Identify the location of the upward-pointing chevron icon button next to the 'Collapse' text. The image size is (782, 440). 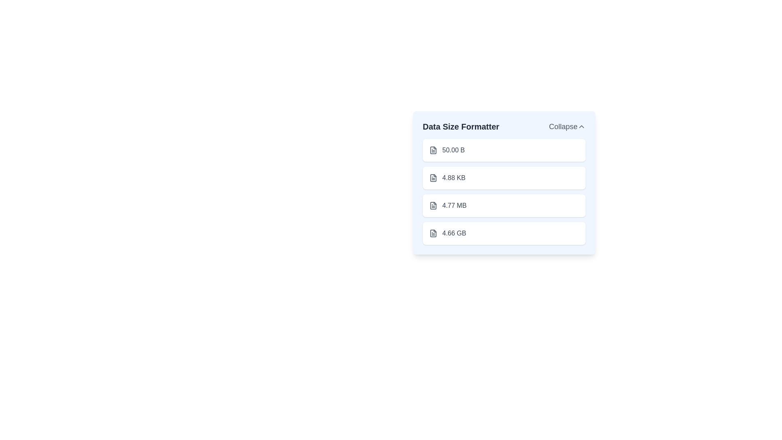
(581, 127).